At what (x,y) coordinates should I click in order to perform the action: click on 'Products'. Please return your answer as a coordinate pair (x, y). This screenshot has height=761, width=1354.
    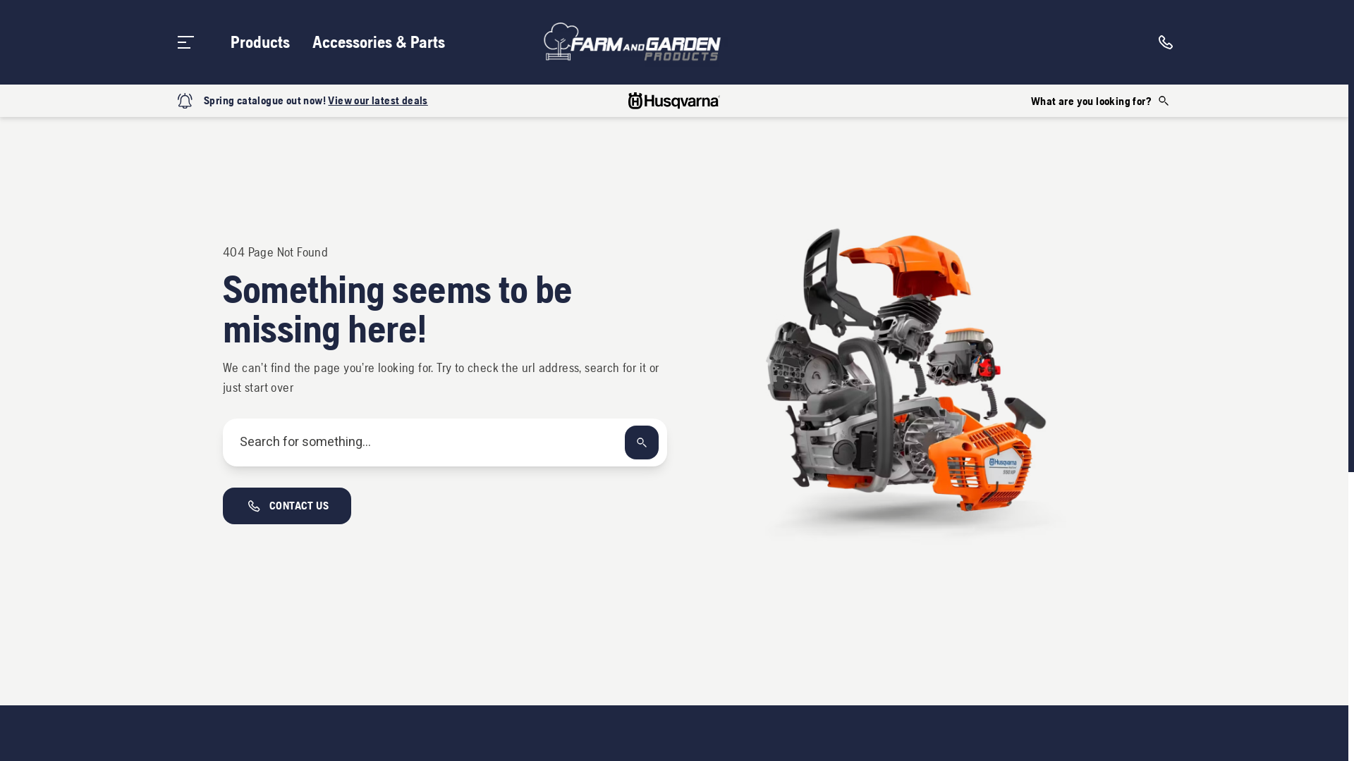
    Looking at the image, I should click on (260, 42).